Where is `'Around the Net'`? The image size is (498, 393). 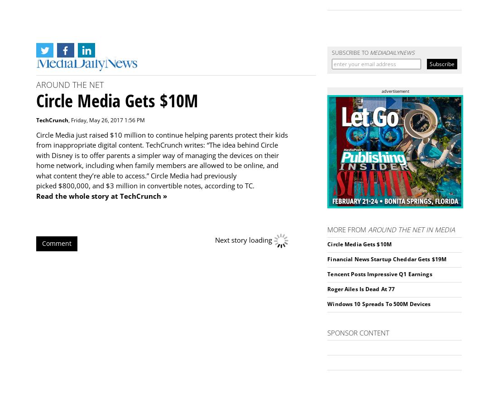
'Around the Net' is located at coordinates (69, 84).